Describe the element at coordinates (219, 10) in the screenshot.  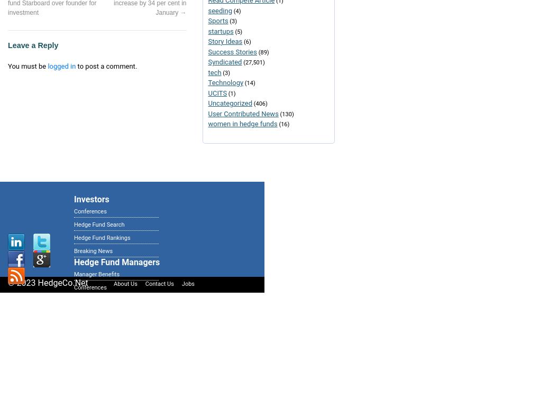
I see `'seeding'` at that location.